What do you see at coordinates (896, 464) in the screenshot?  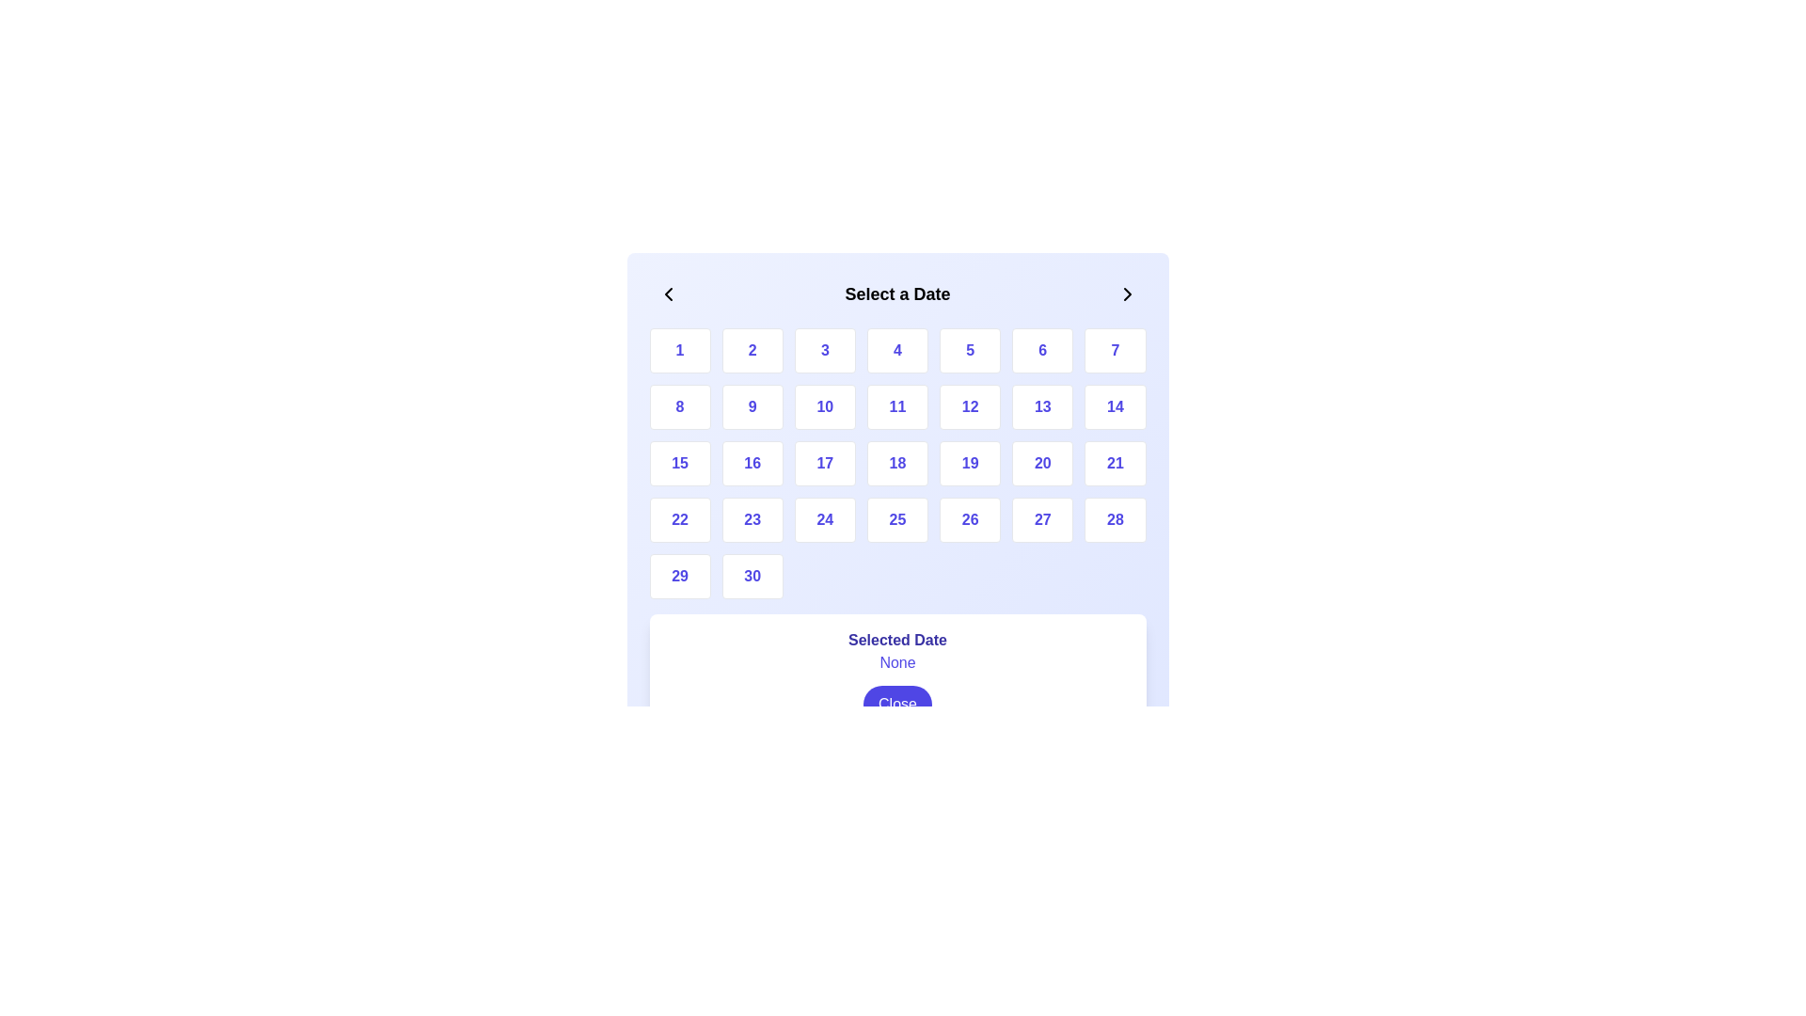 I see `the button displaying the number '18' in bold indigo font, located in the fourth column of the third row under 'Select a Date'` at bounding box center [896, 464].